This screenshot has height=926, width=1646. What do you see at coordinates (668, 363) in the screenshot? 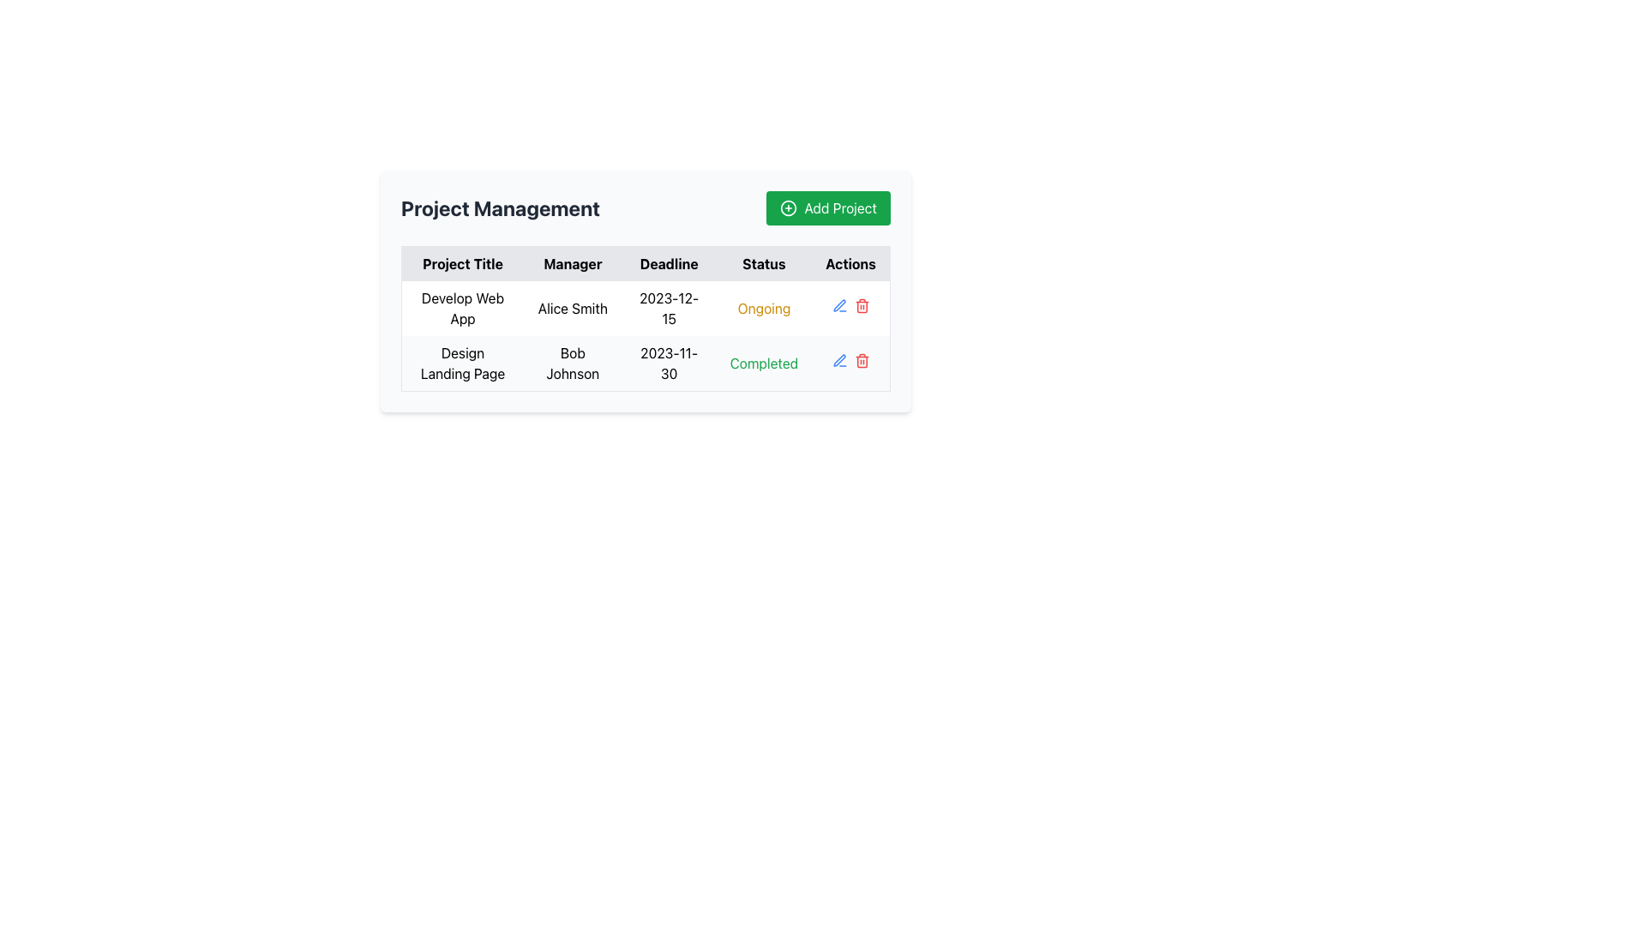
I see `the Text Display element that shows the project deadline date for the 'Design Landing Page' project managed by Bob Johnson, located in the 'Deadline' column of the second row` at bounding box center [668, 363].